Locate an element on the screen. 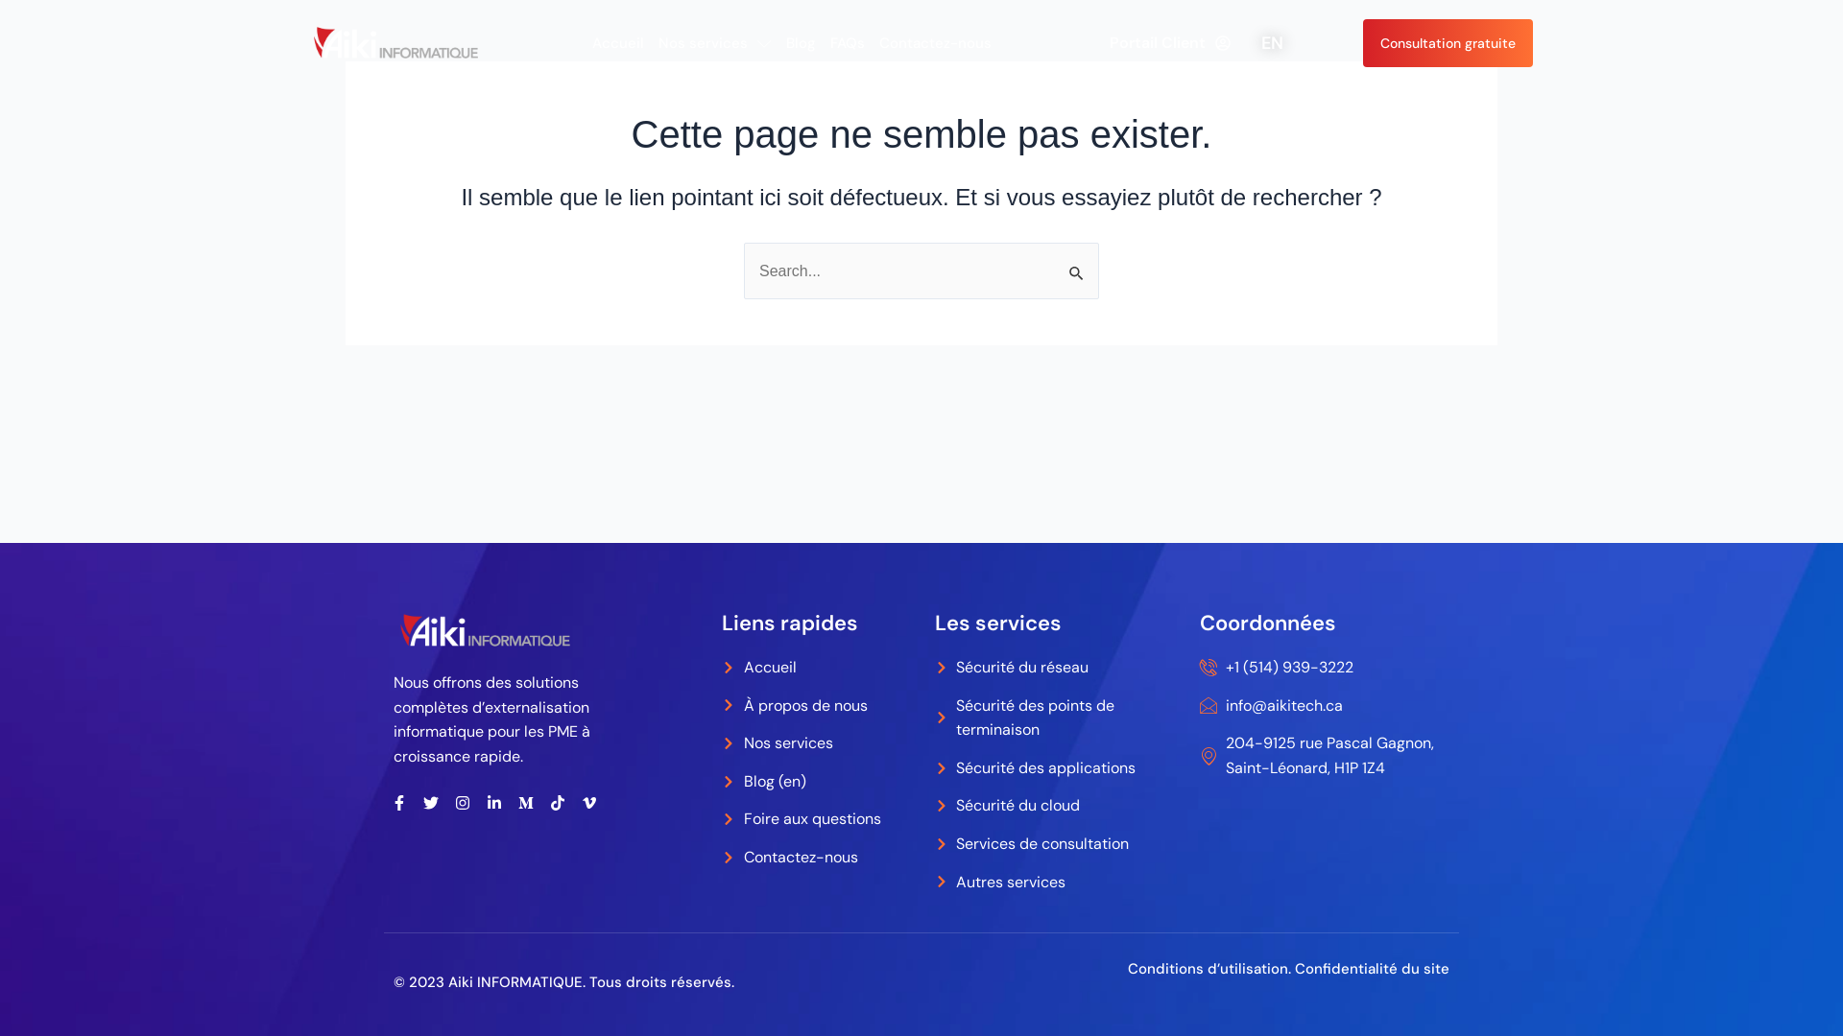 The width and height of the screenshot is (1843, 1036). 'Tiktok' is located at coordinates (556, 803).